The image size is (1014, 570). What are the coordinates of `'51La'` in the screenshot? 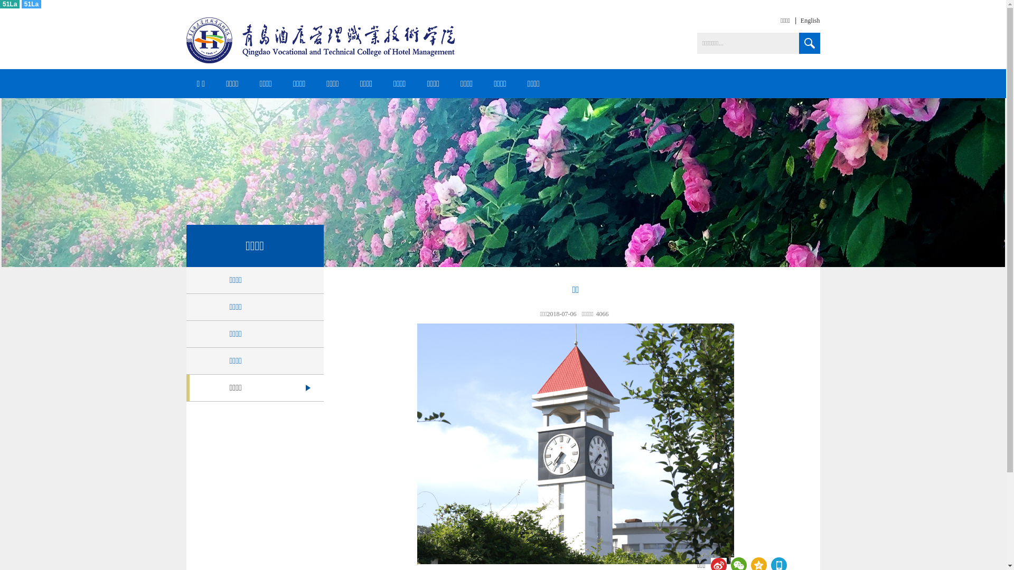 It's located at (22, 4).